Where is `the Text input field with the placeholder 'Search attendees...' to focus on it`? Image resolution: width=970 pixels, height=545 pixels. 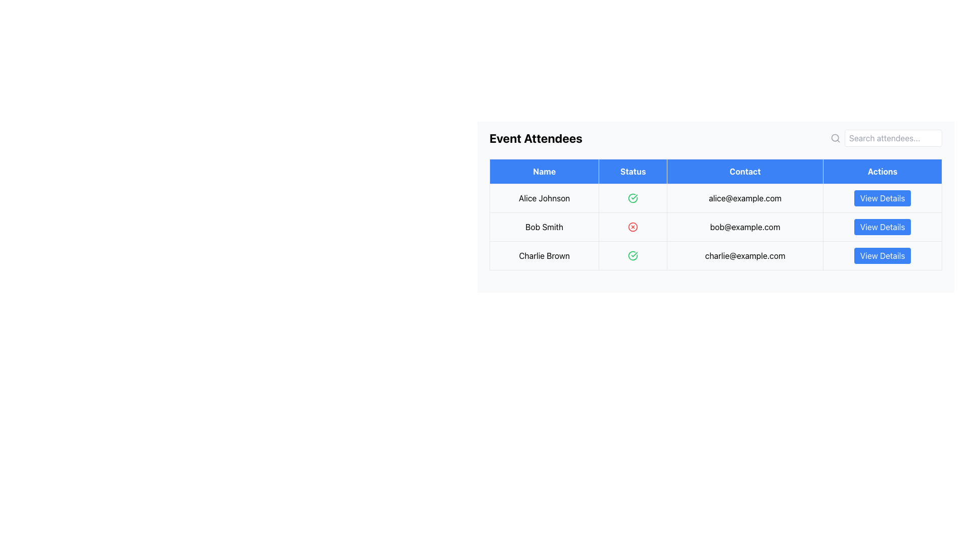 the Text input field with the placeholder 'Search attendees...' to focus on it is located at coordinates (893, 138).